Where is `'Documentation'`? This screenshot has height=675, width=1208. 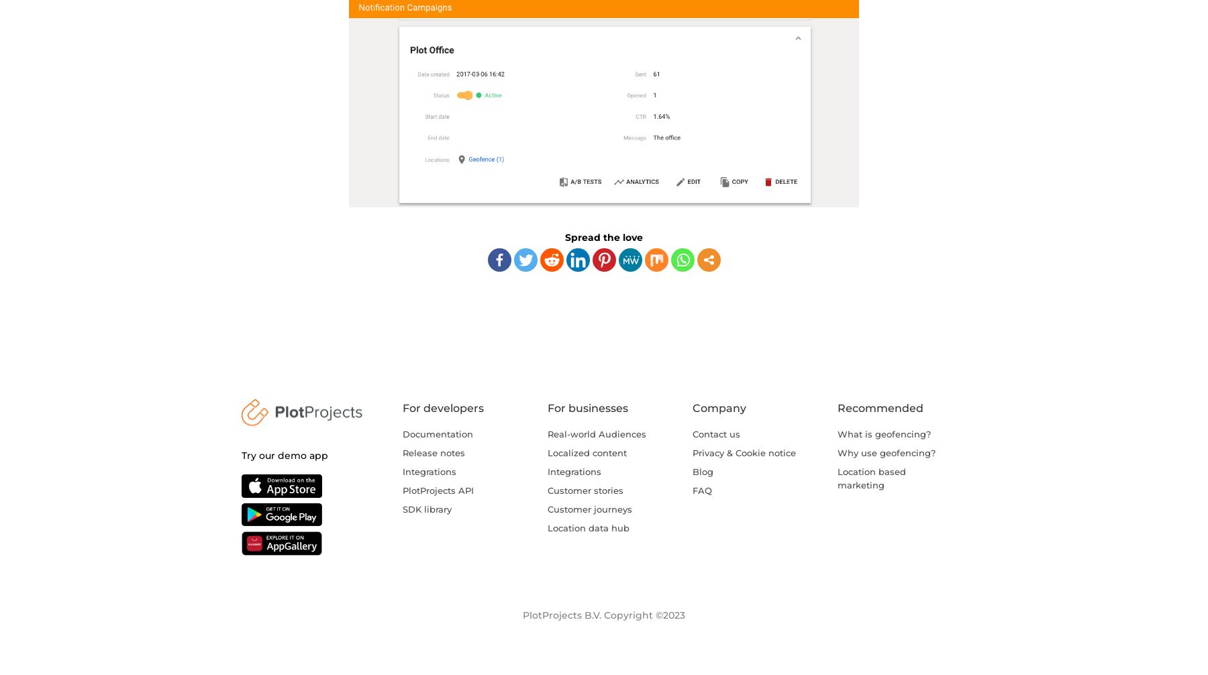
'Documentation' is located at coordinates (438, 433).